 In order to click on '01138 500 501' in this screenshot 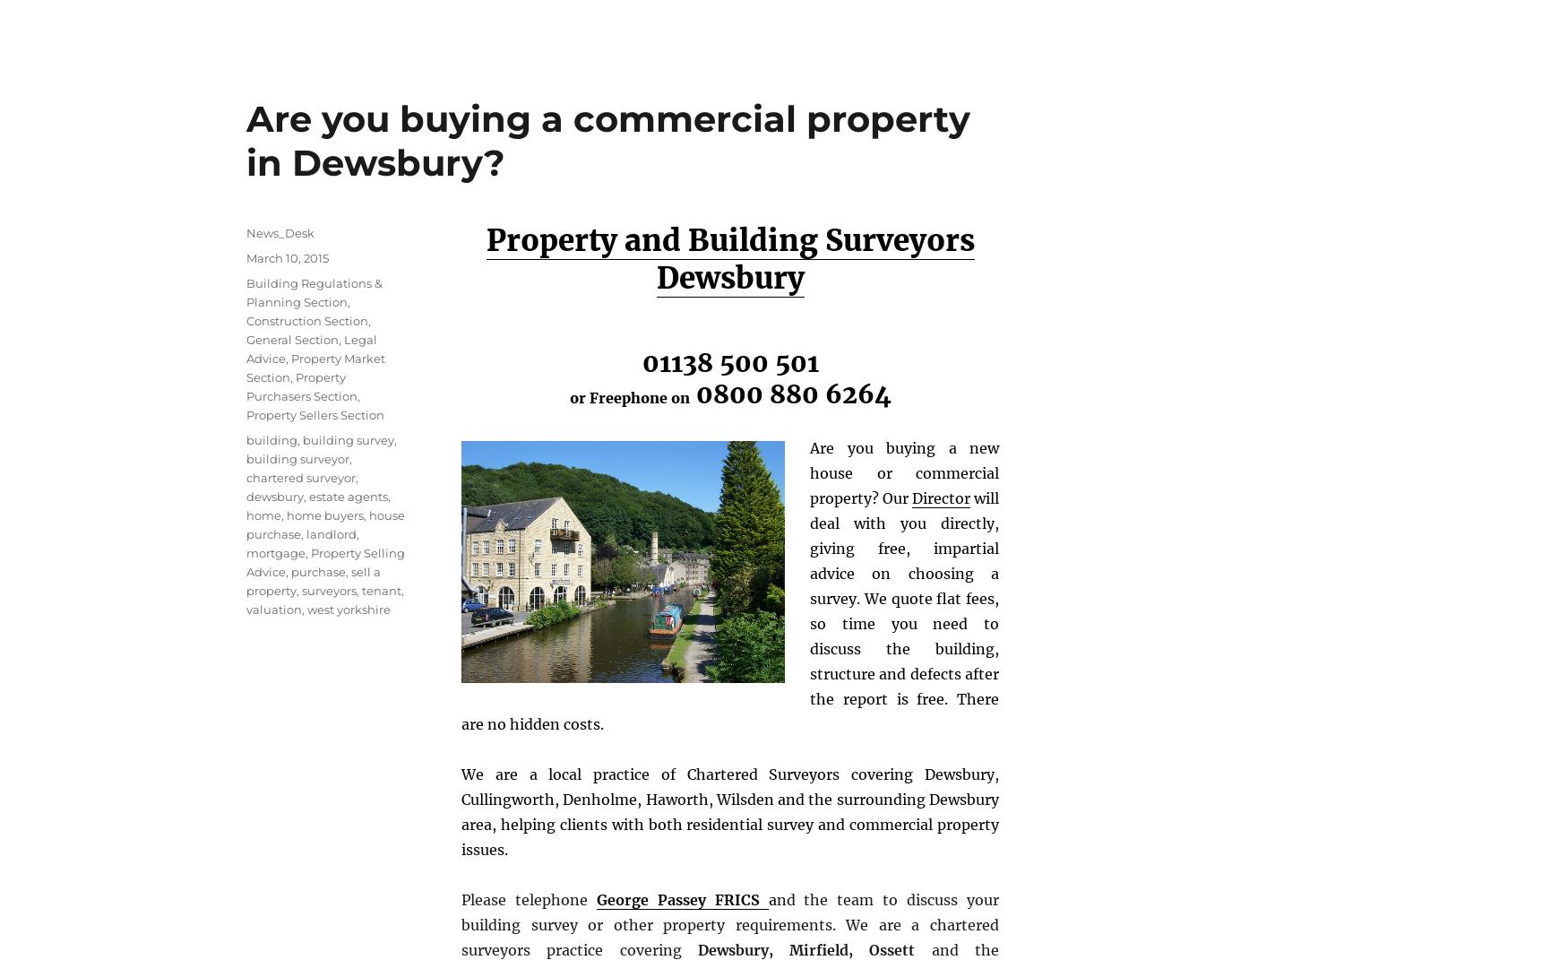, I will do `click(729, 361)`.